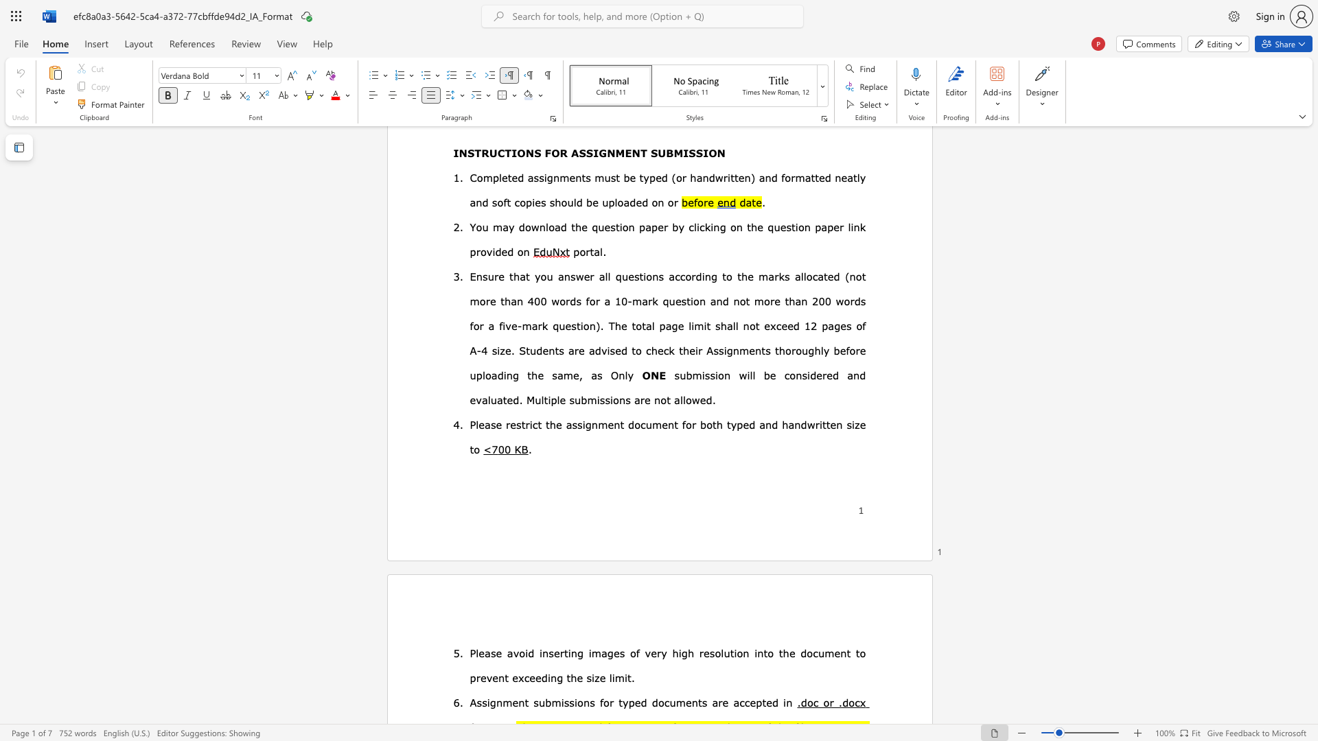 This screenshot has width=1318, height=741. Describe the element at coordinates (548, 652) in the screenshot. I see `the subset text "serting im" within the text "Please avoid inserting images of"` at that location.